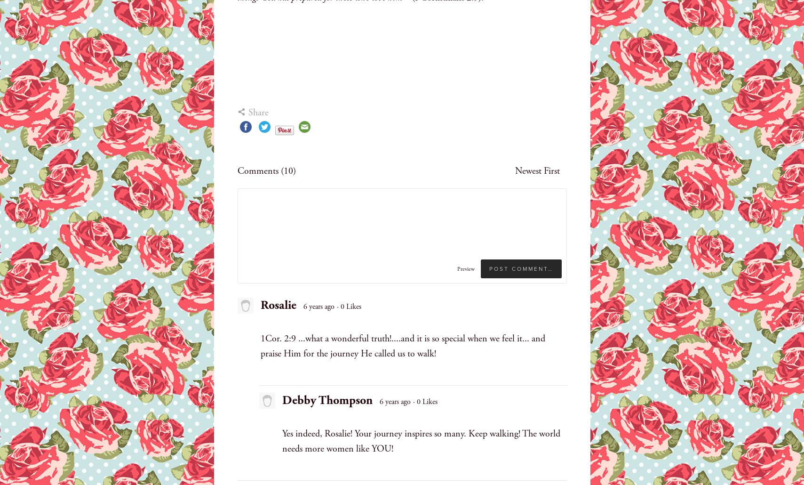 This screenshot has width=804, height=485. Describe the element at coordinates (260, 346) in the screenshot. I see `'1Cor. 2:9 ...what a wonderful truth!....and it is so special when we feel it... and praise Him for the journey He called us to walk!'` at that location.